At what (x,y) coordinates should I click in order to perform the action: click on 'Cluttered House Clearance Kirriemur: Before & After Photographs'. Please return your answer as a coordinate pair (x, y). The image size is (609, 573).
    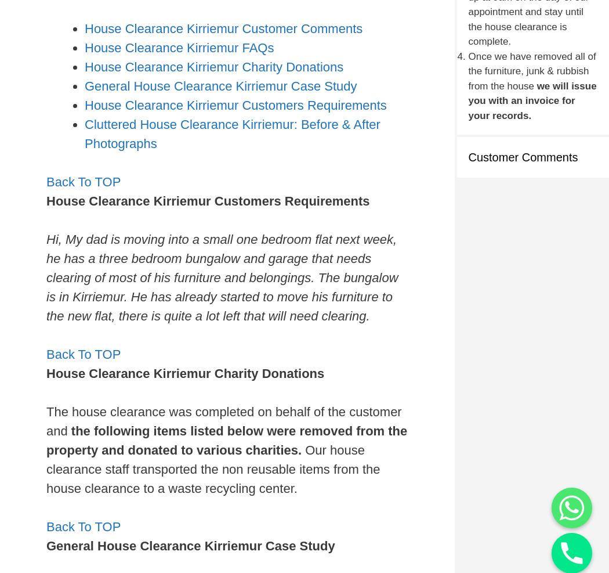
    Looking at the image, I should click on (232, 133).